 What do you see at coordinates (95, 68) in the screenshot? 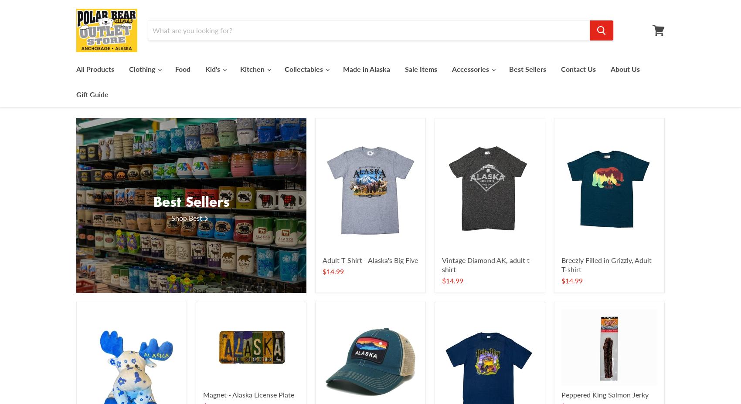
I see `'All Products'` at bounding box center [95, 68].